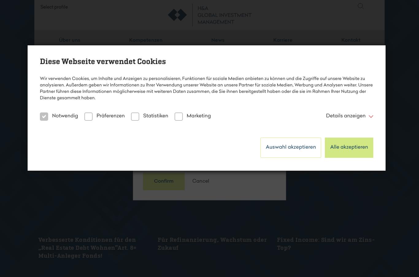  What do you see at coordinates (54, 16) in the screenshot?
I see `'Select profile'` at bounding box center [54, 16].